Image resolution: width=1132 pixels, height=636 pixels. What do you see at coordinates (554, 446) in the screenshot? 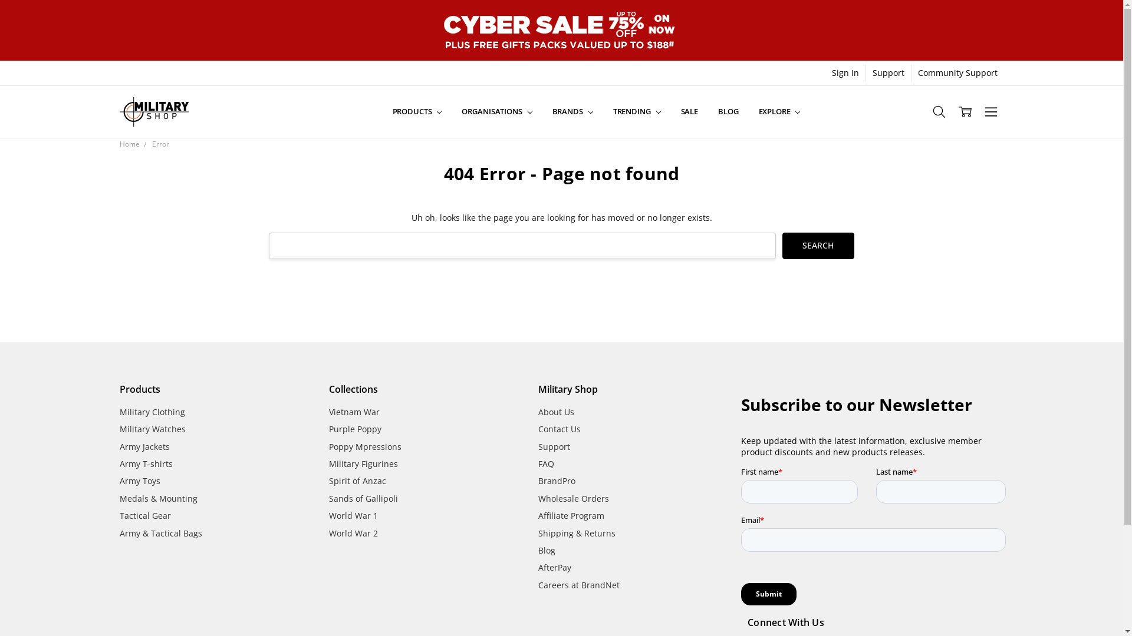
I see `'Support'` at bounding box center [554, 446].